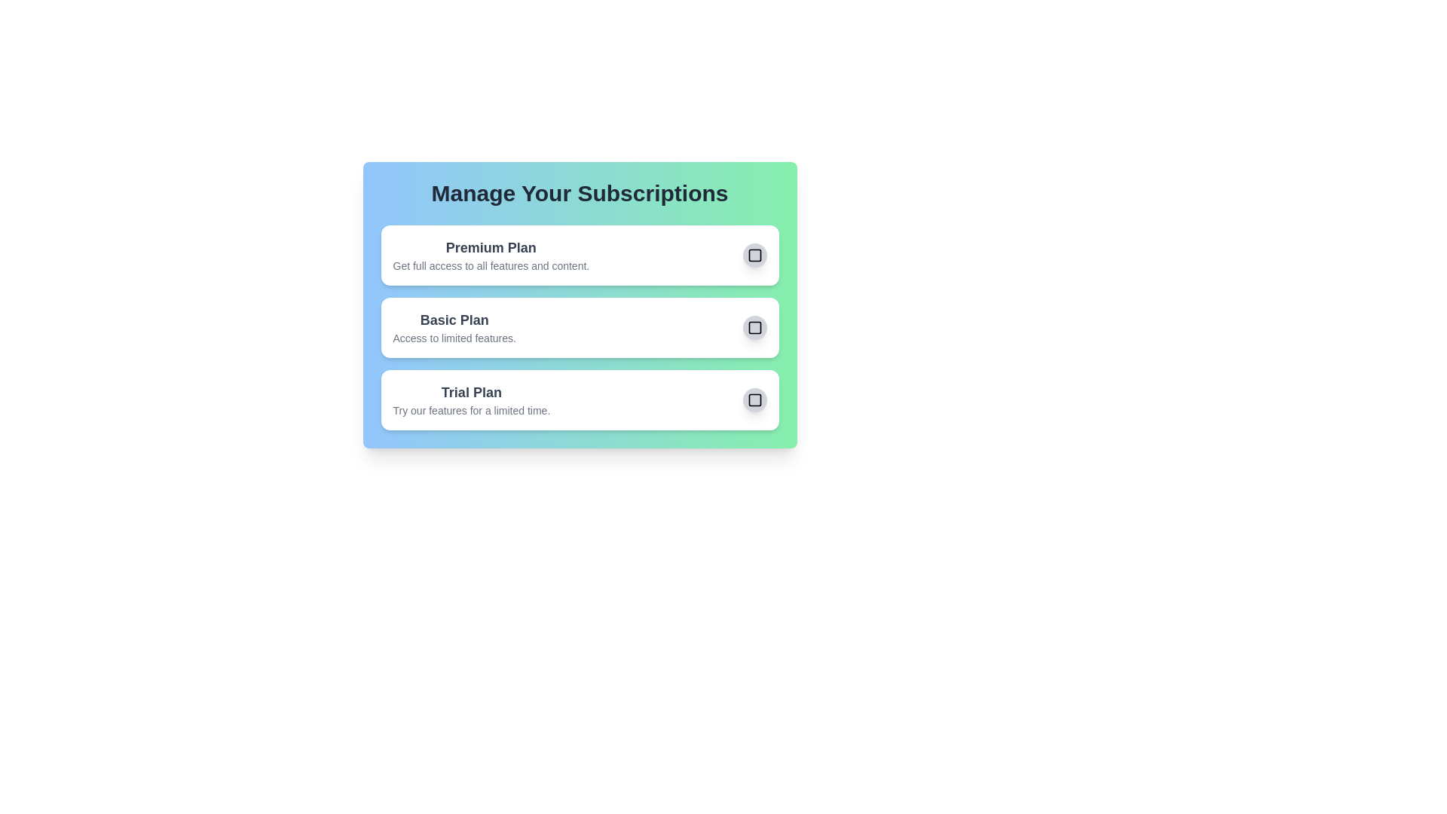  What do you see at coordinates (754, 327) in the screenshot?
I see `the square icon within the circular button adjacent to the 'Basic Plan' section` at bounding box center [754, 327].